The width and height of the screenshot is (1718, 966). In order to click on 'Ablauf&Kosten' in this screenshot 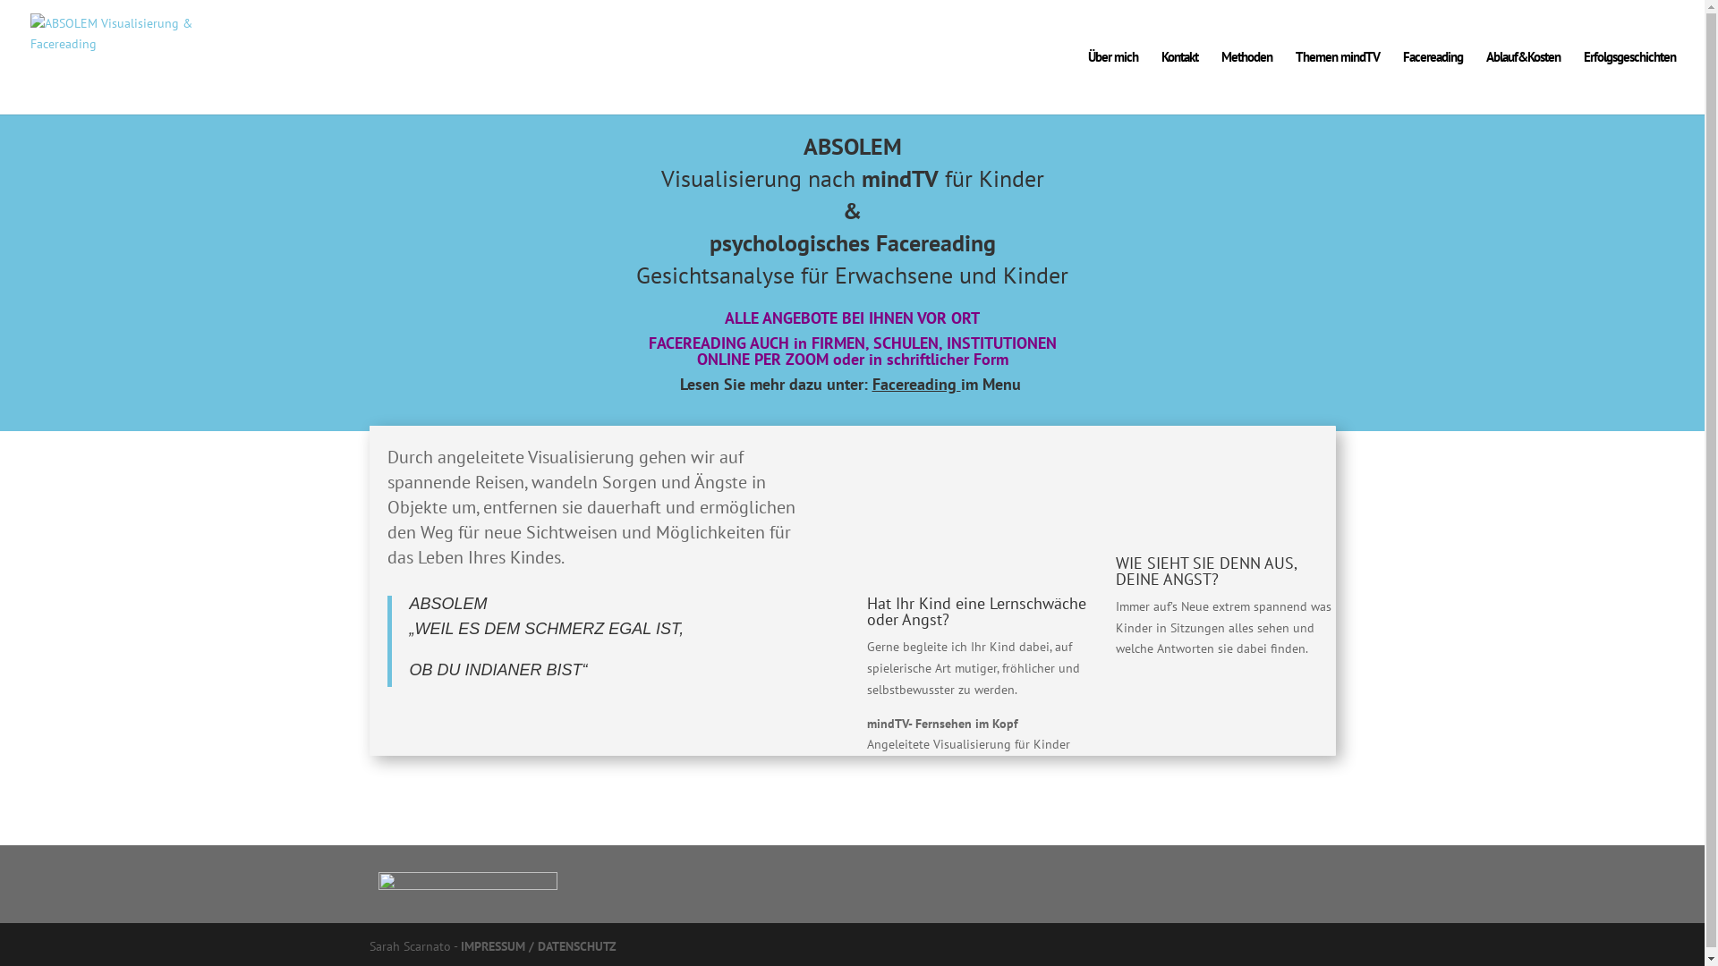, I will do `click(1522, 82)`.